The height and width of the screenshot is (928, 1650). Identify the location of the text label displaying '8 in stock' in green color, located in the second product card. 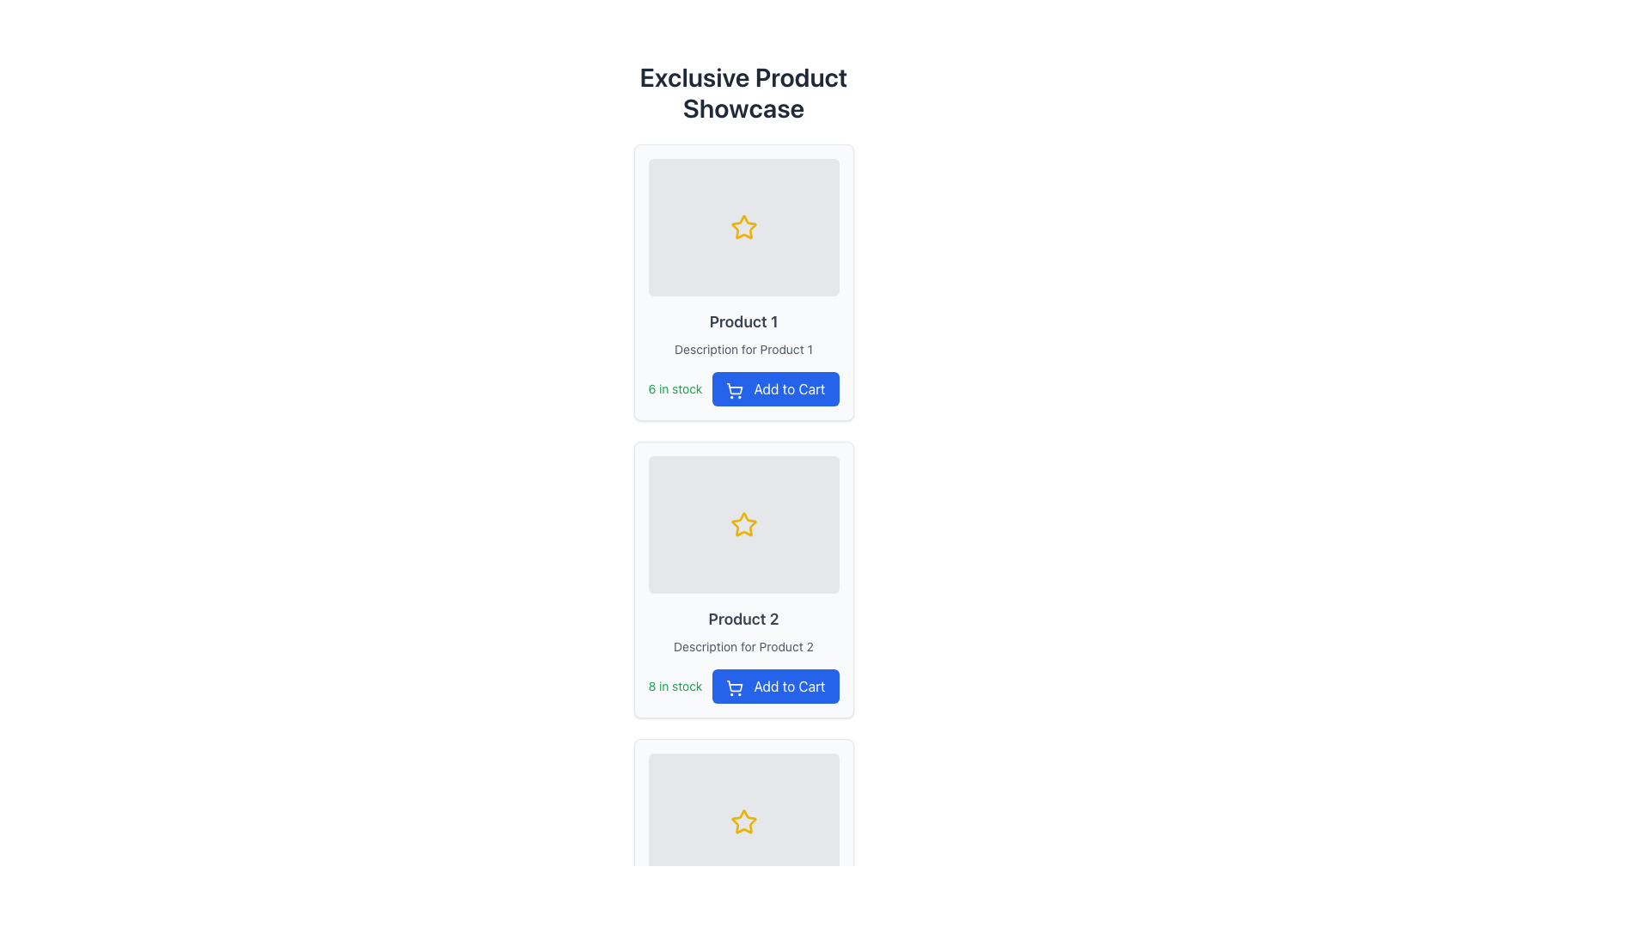
(674, 685).